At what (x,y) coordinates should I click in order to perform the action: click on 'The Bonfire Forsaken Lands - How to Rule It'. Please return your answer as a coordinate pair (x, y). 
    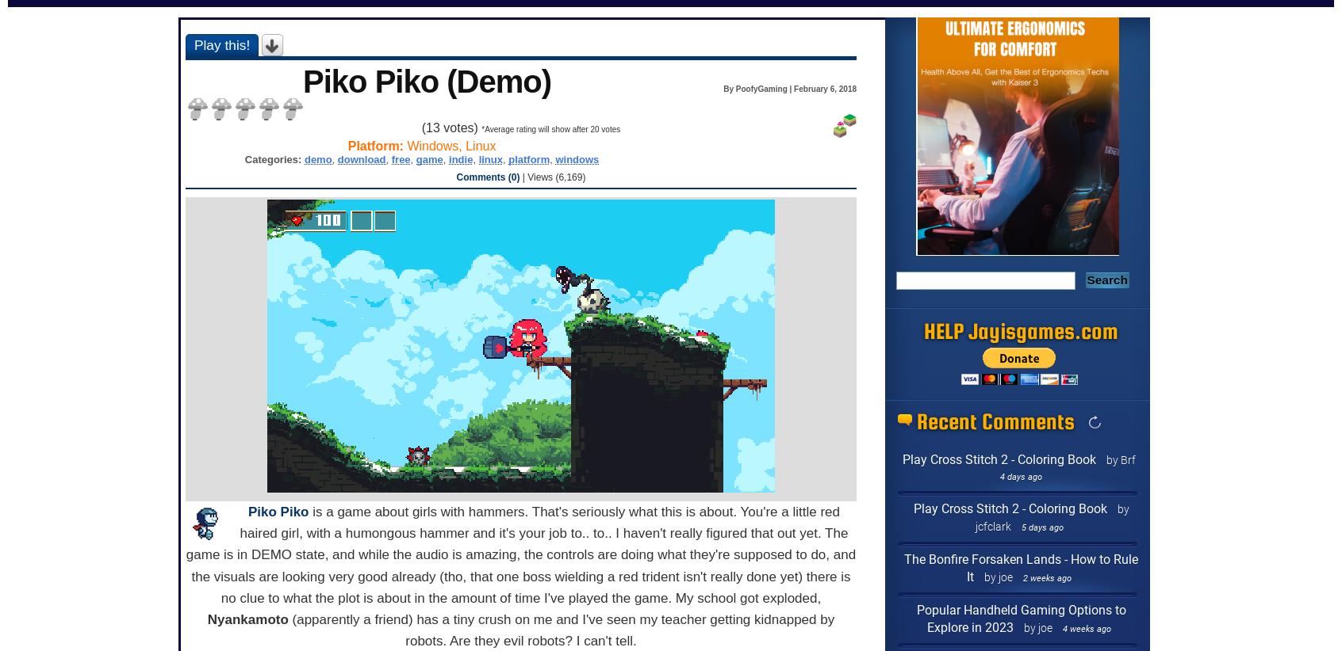
    Looking at the image, I should click on (1020, 567).